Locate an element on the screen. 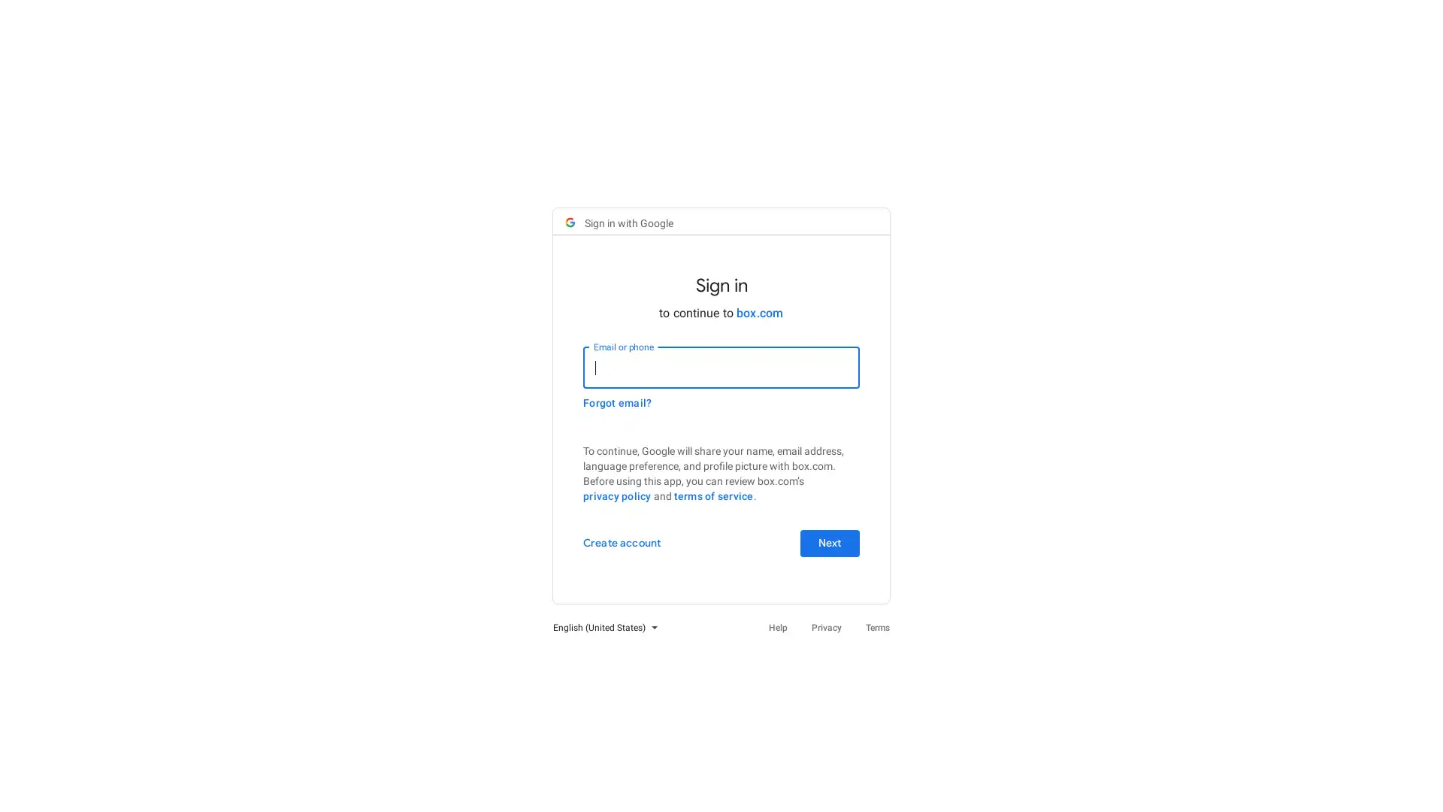 The height and width of the screenshot is (812, 1443). Next is located at coordinates (829, 543).